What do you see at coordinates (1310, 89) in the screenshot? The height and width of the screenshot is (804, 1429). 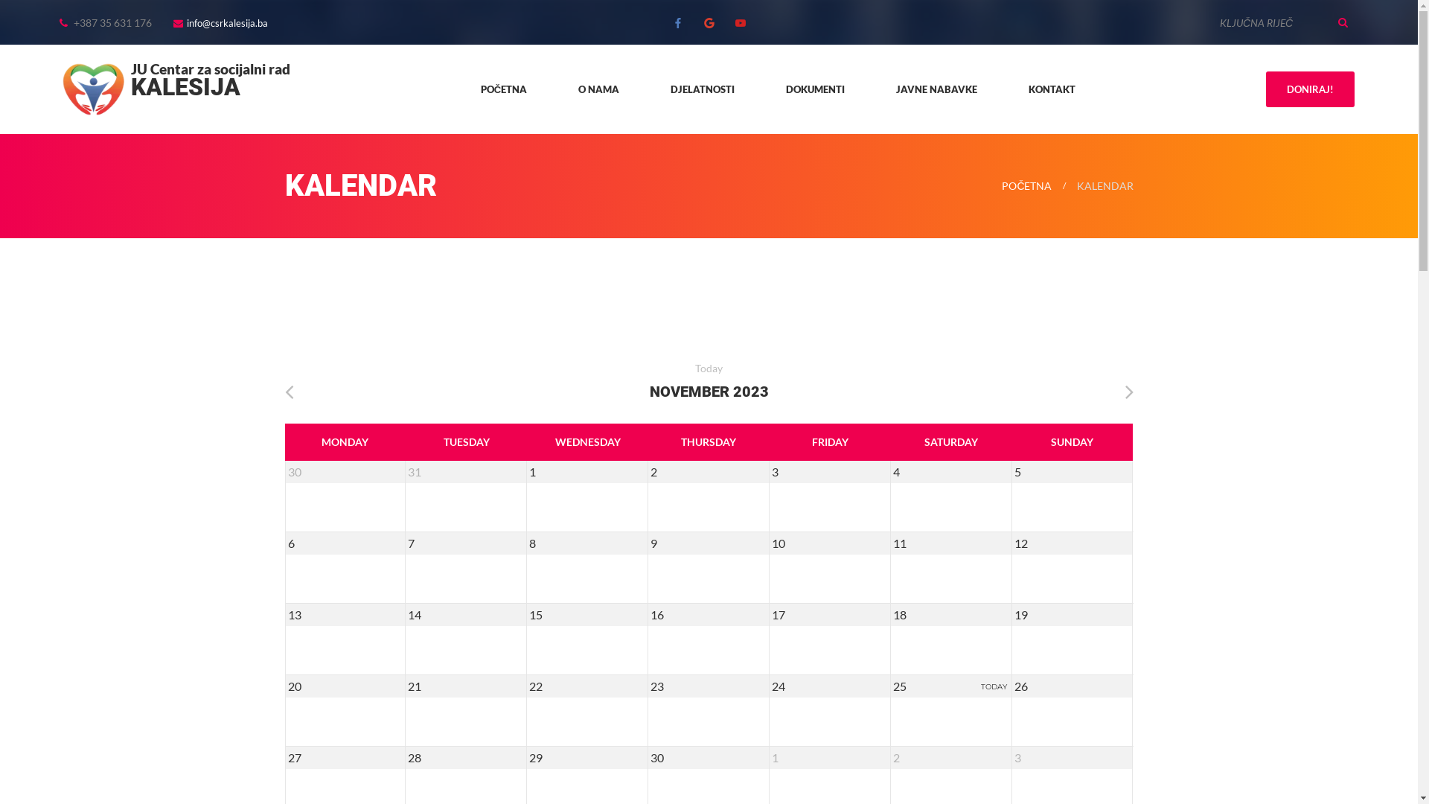 I see `'DONIRAJ!'` at bounding box center [1310, 89].